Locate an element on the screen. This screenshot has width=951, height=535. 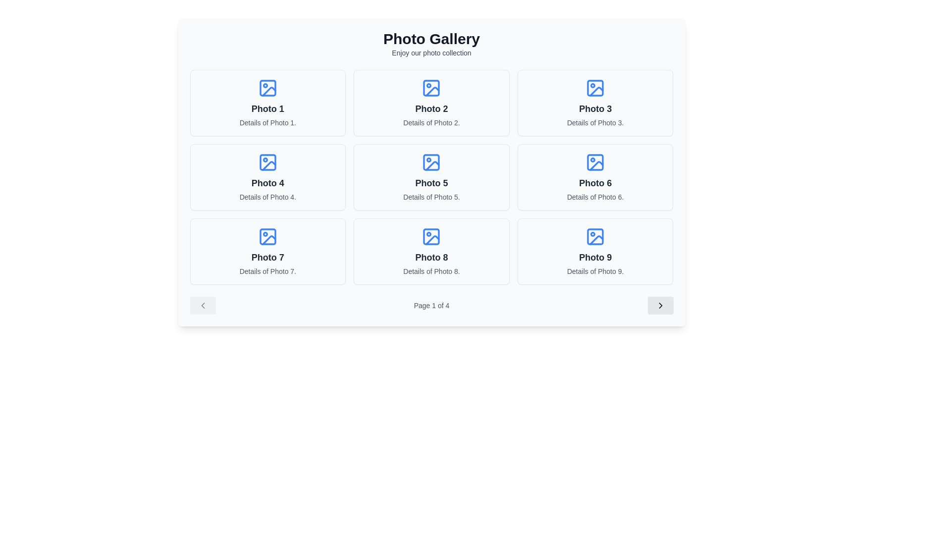
text label displaying 'Photo 1' which is styled with a bold font and grayish color, located within the top-left corner of the gallery grid card layout is located at coordinates (267, 108).